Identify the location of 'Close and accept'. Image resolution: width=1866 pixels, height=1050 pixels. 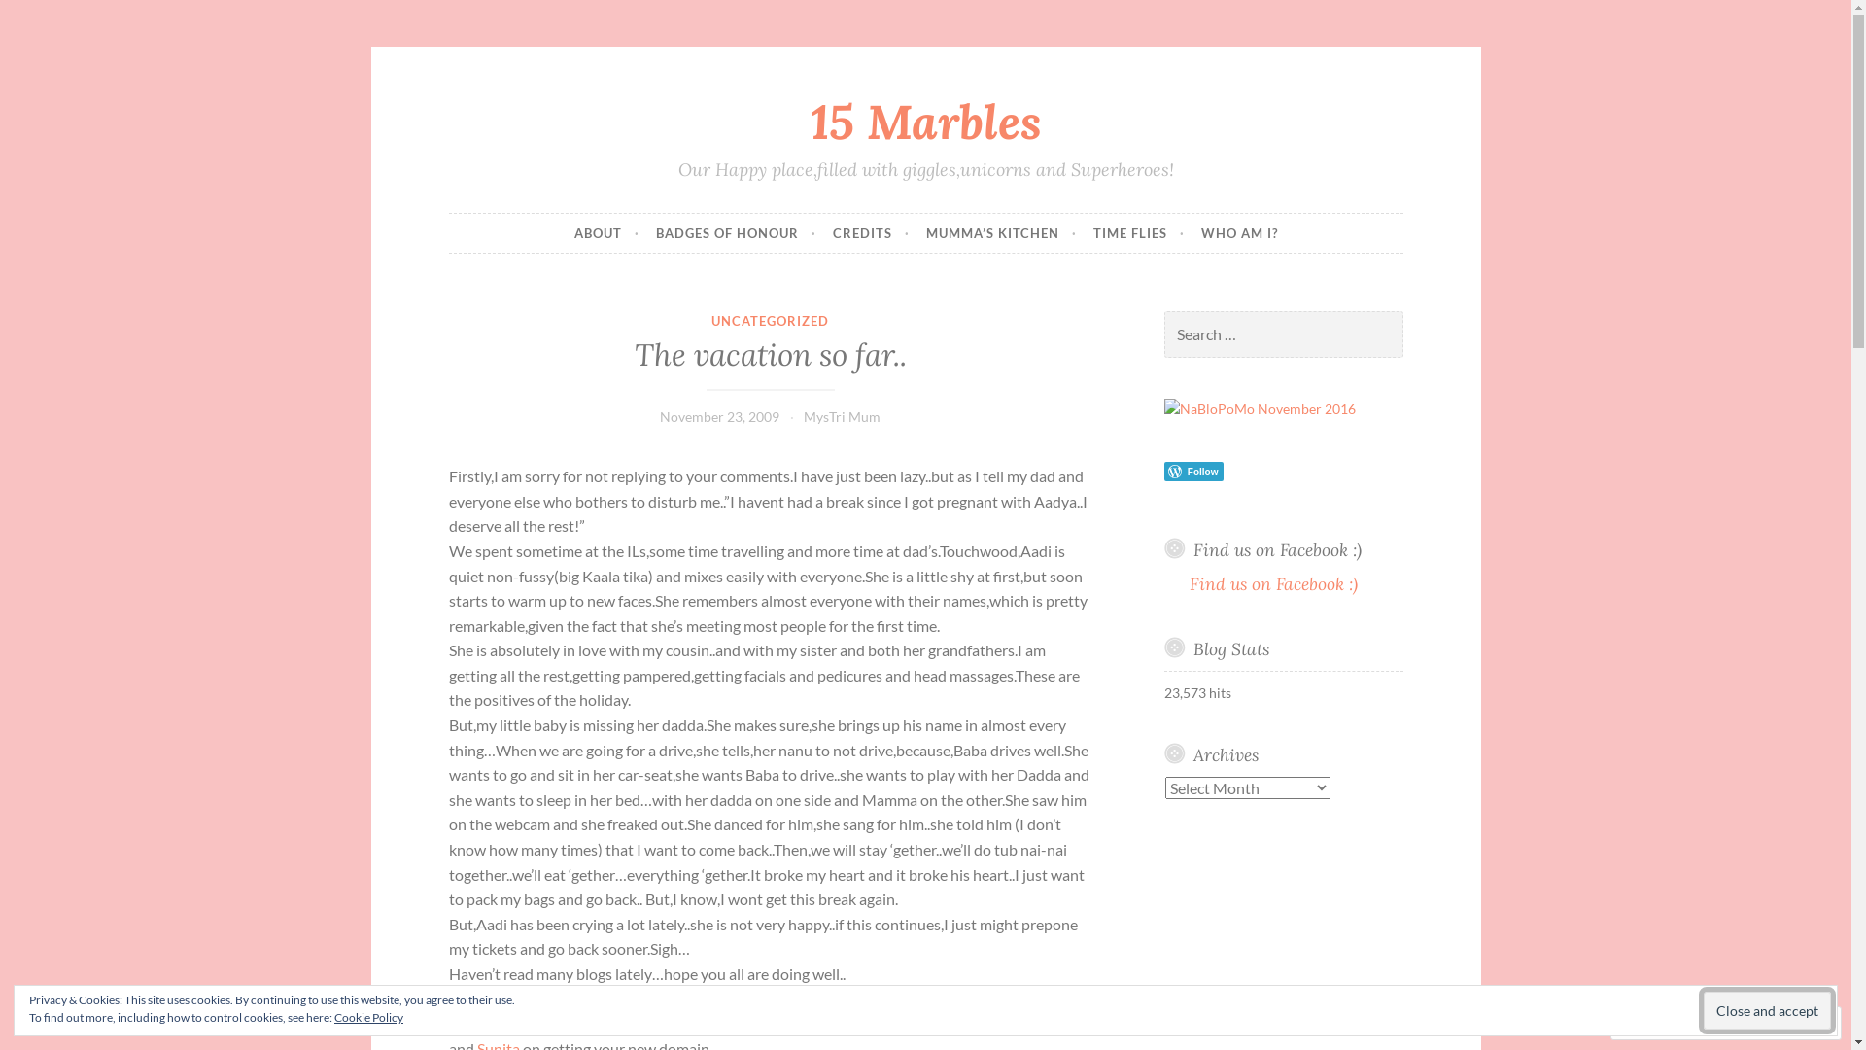
(1767, 1009).